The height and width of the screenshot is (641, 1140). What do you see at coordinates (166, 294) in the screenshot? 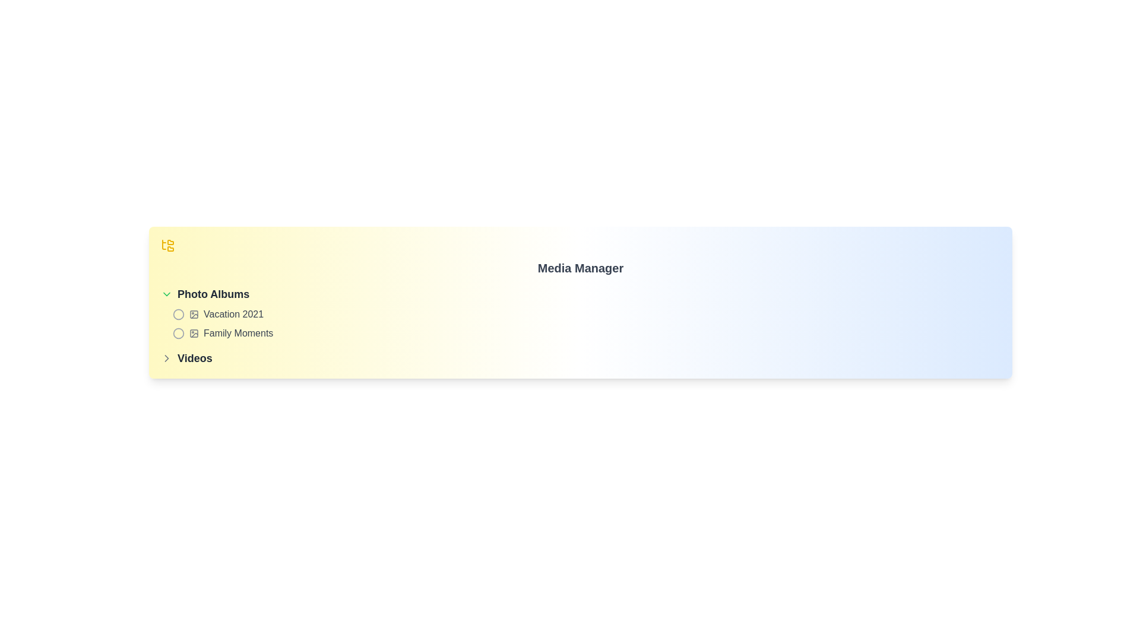
I see `the green downward chevron icon` at bounding box center [166, 294].